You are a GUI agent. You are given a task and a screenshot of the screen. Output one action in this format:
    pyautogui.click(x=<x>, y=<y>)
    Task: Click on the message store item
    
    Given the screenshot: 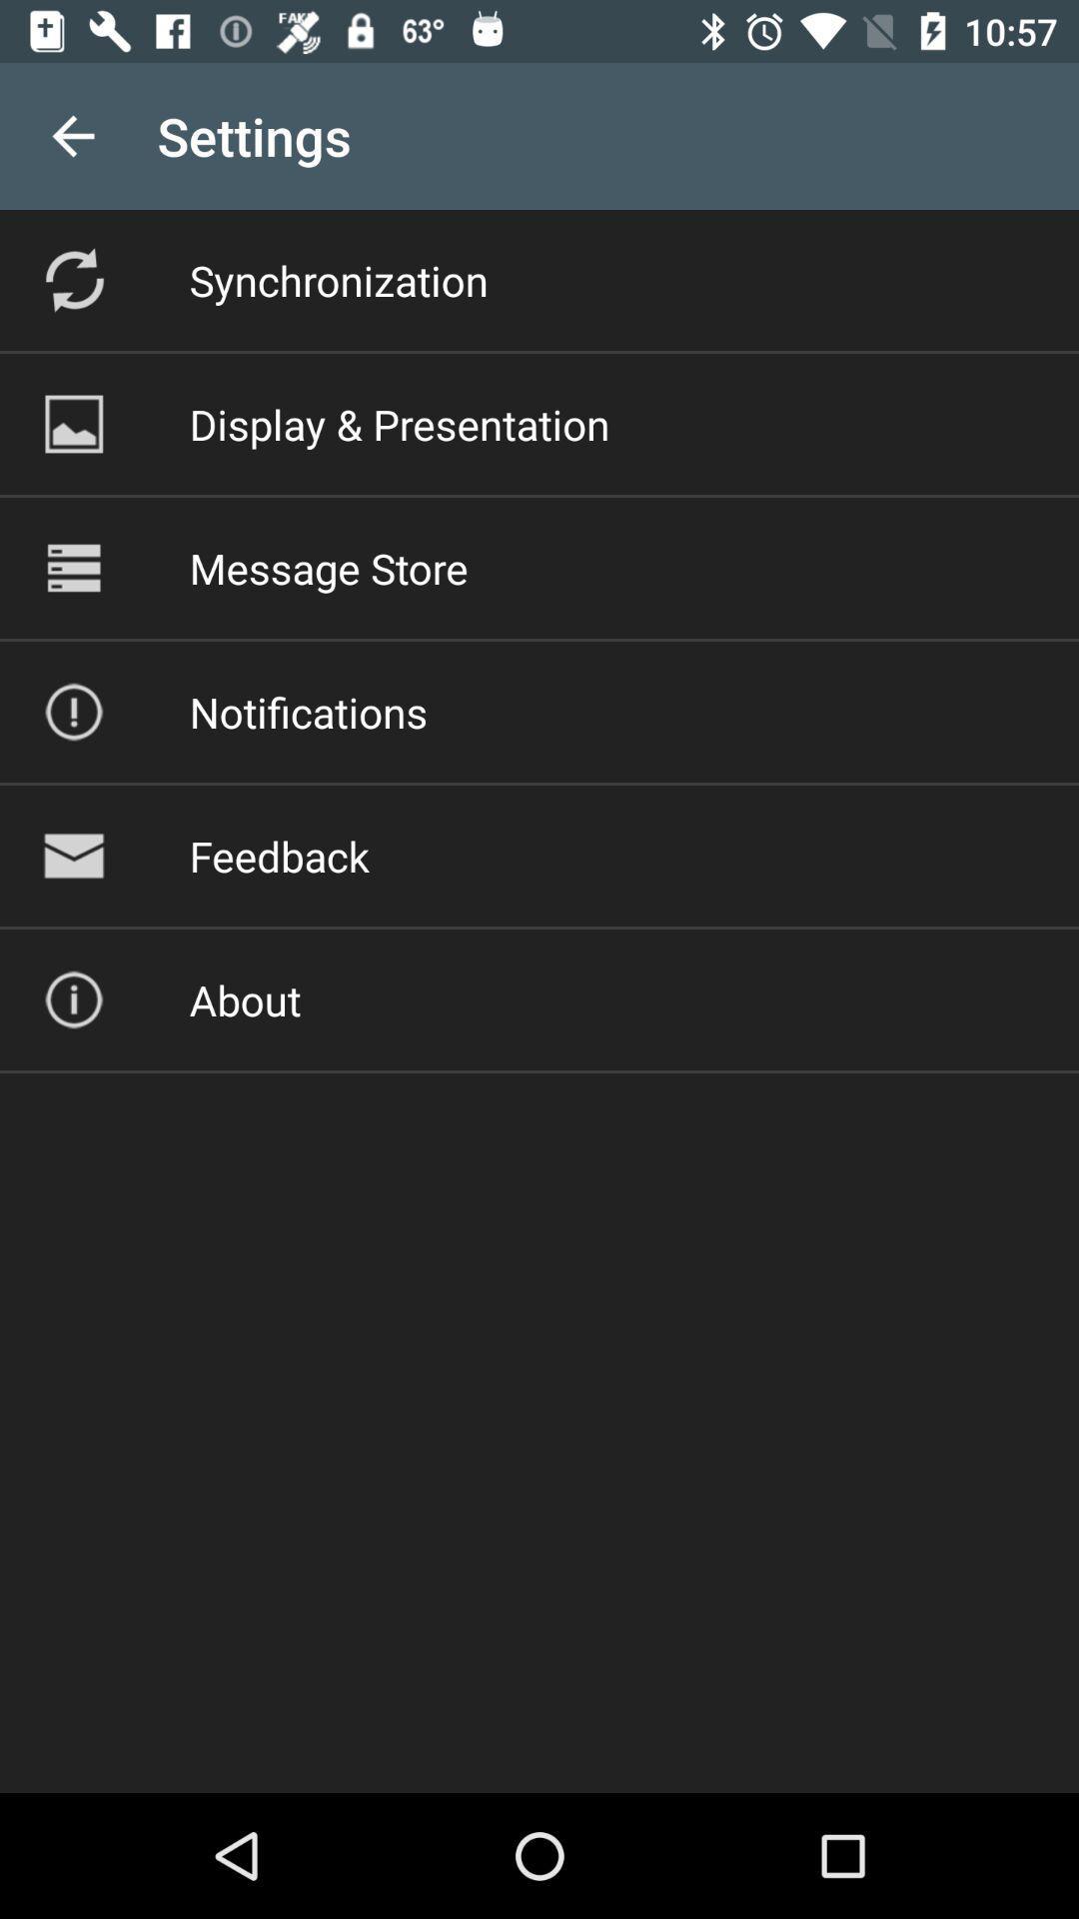 What is the action you would take?
    pyautogui.click(x=328, y=567)
    